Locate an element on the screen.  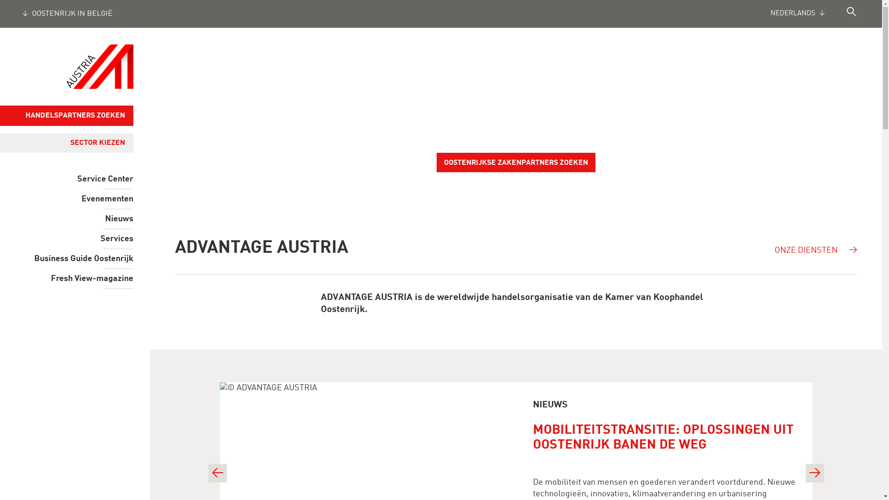
'HANDELSPARTNERS ZOEKEN' is located at coordinates (66, 115).